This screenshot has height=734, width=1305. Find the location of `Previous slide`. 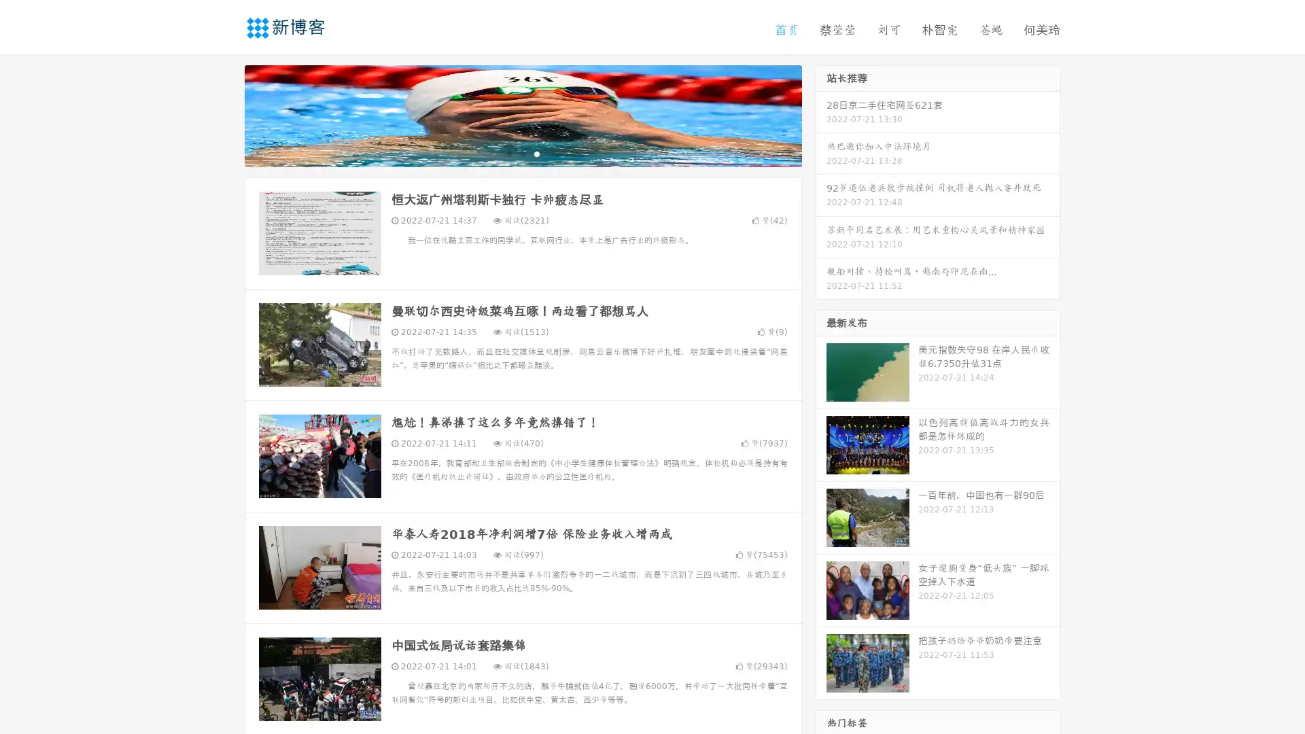

Previous slide is located at coordinates (224, 114).